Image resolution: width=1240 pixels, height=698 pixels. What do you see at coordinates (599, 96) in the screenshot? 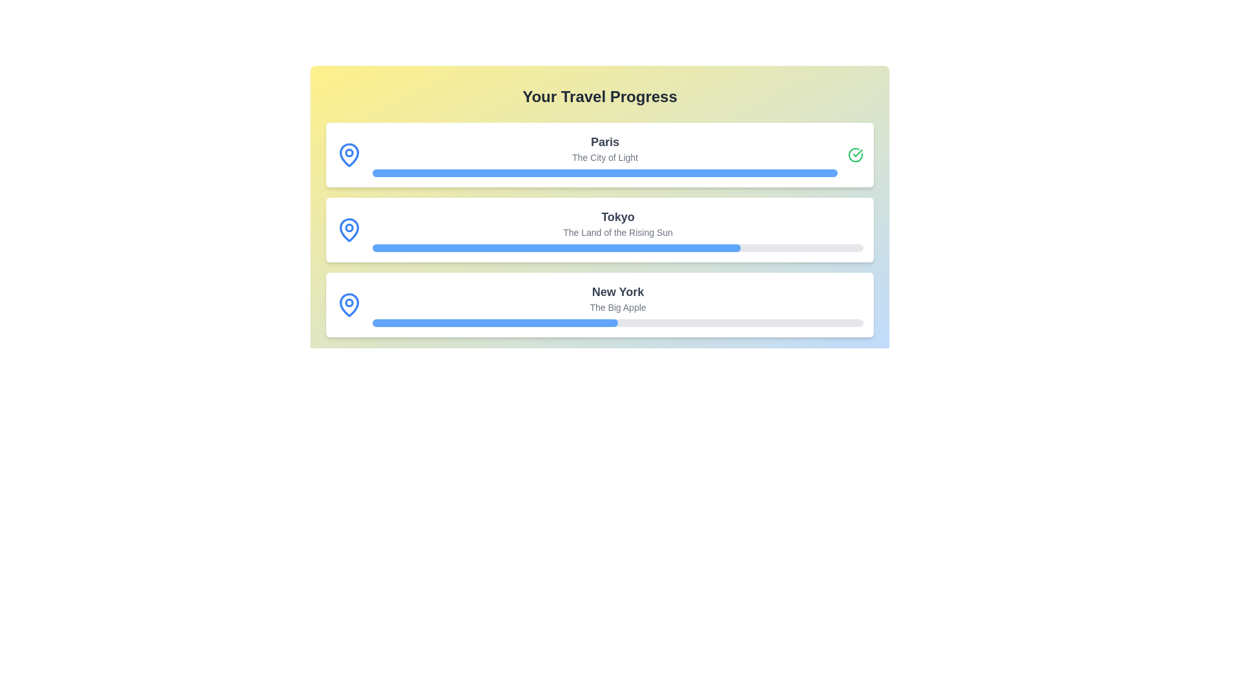
I see `the Text Label displaying 'Your Travel Progress' which is styled in bold, large, dark gray font against a yellow to light blue gradient background` at bounding box center [599, 96].